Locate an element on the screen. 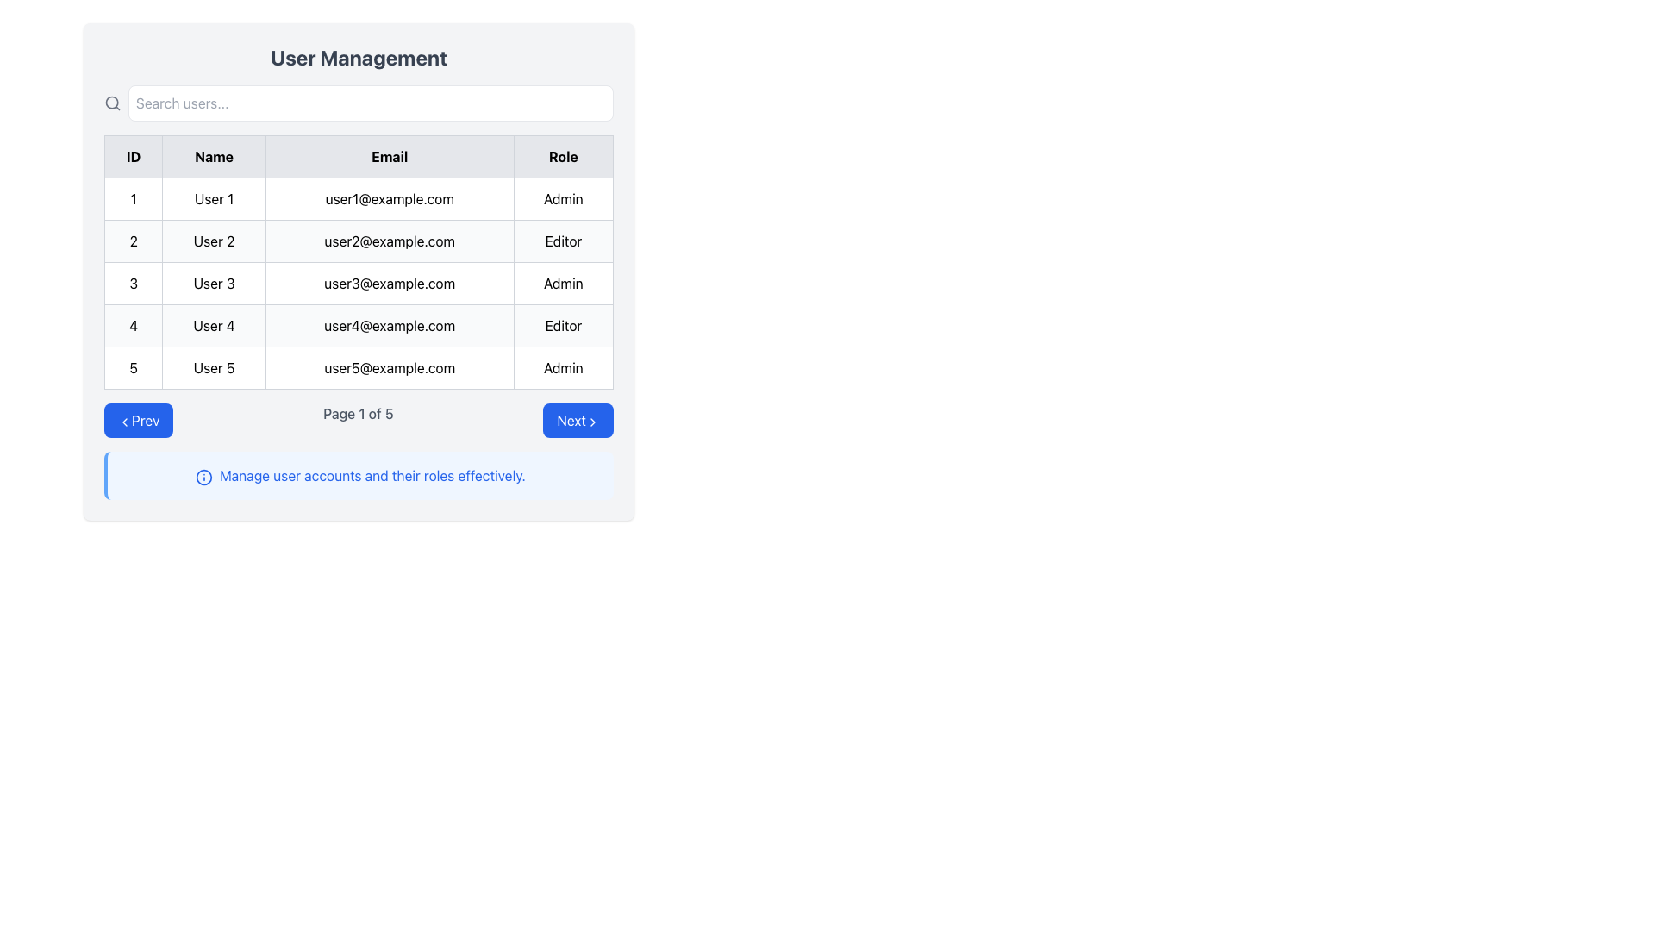  the text block displaying the number '4' in the 'ID' column of the user management table, which is the first cell of the row for 'User 4' is located at coordinates (133, 326).